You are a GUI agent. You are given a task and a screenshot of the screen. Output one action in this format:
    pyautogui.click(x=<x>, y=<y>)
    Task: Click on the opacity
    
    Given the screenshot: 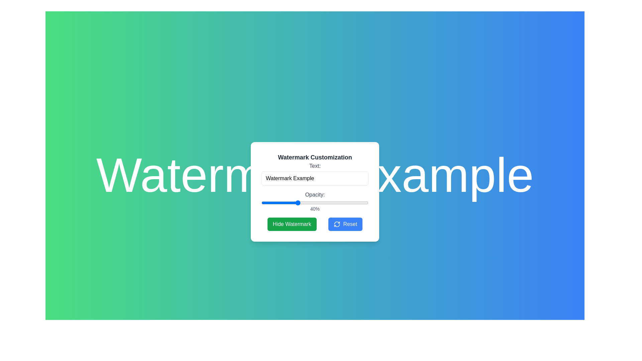 What is the action you would take?
    pyautogui.click(x=294, y=202)
    